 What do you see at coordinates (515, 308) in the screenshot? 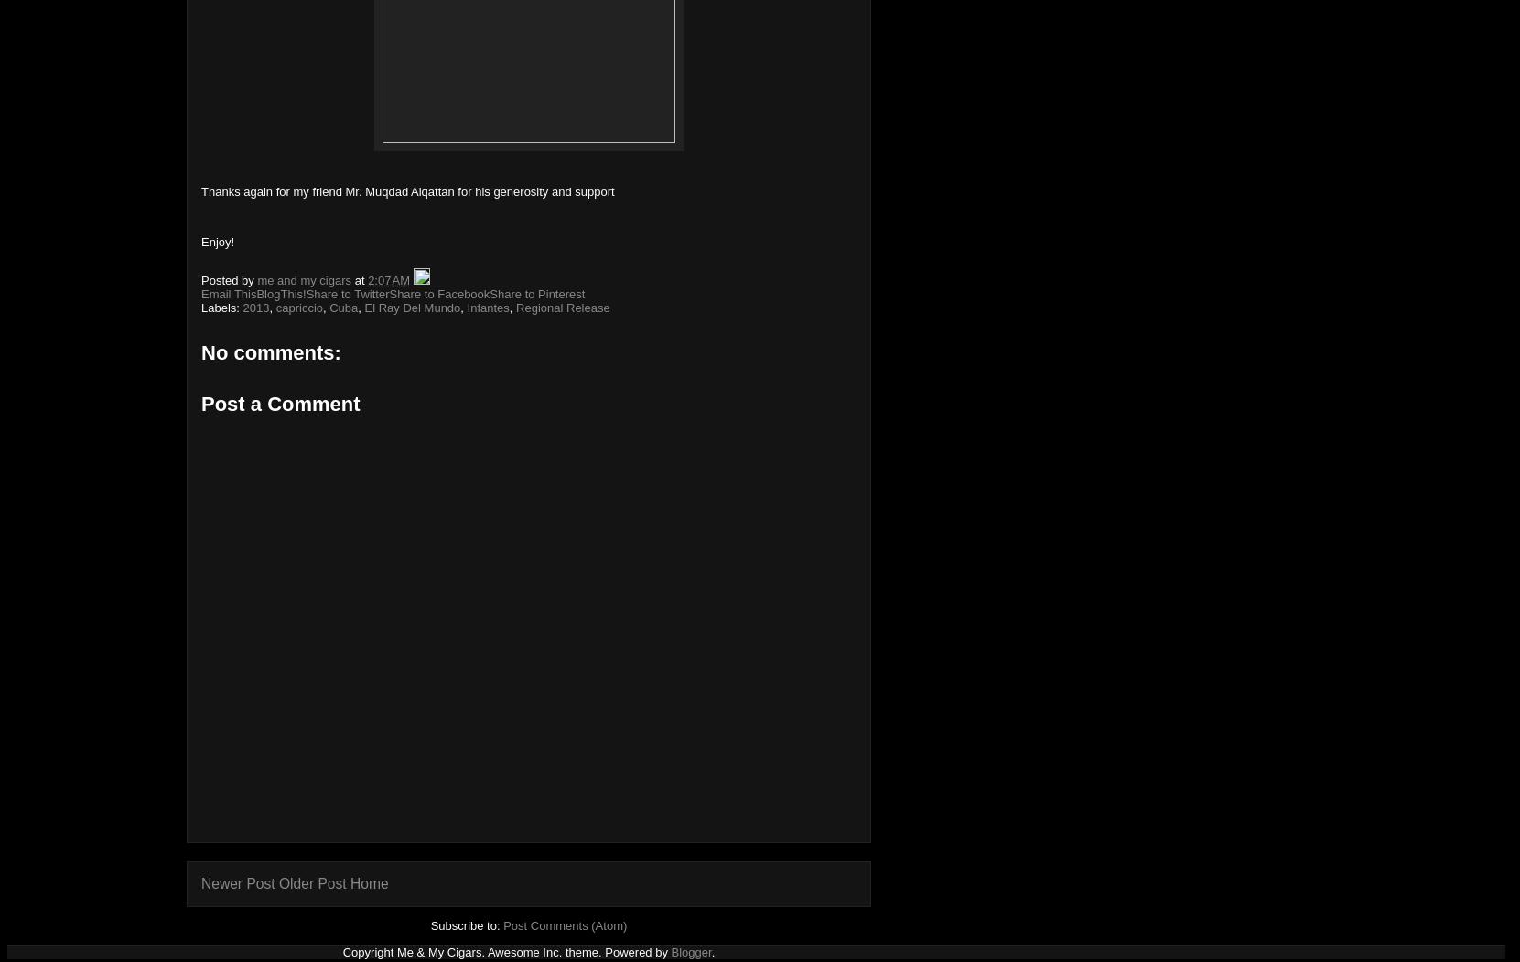
I see `'Regional Release'` at bounding box center [515, 308].